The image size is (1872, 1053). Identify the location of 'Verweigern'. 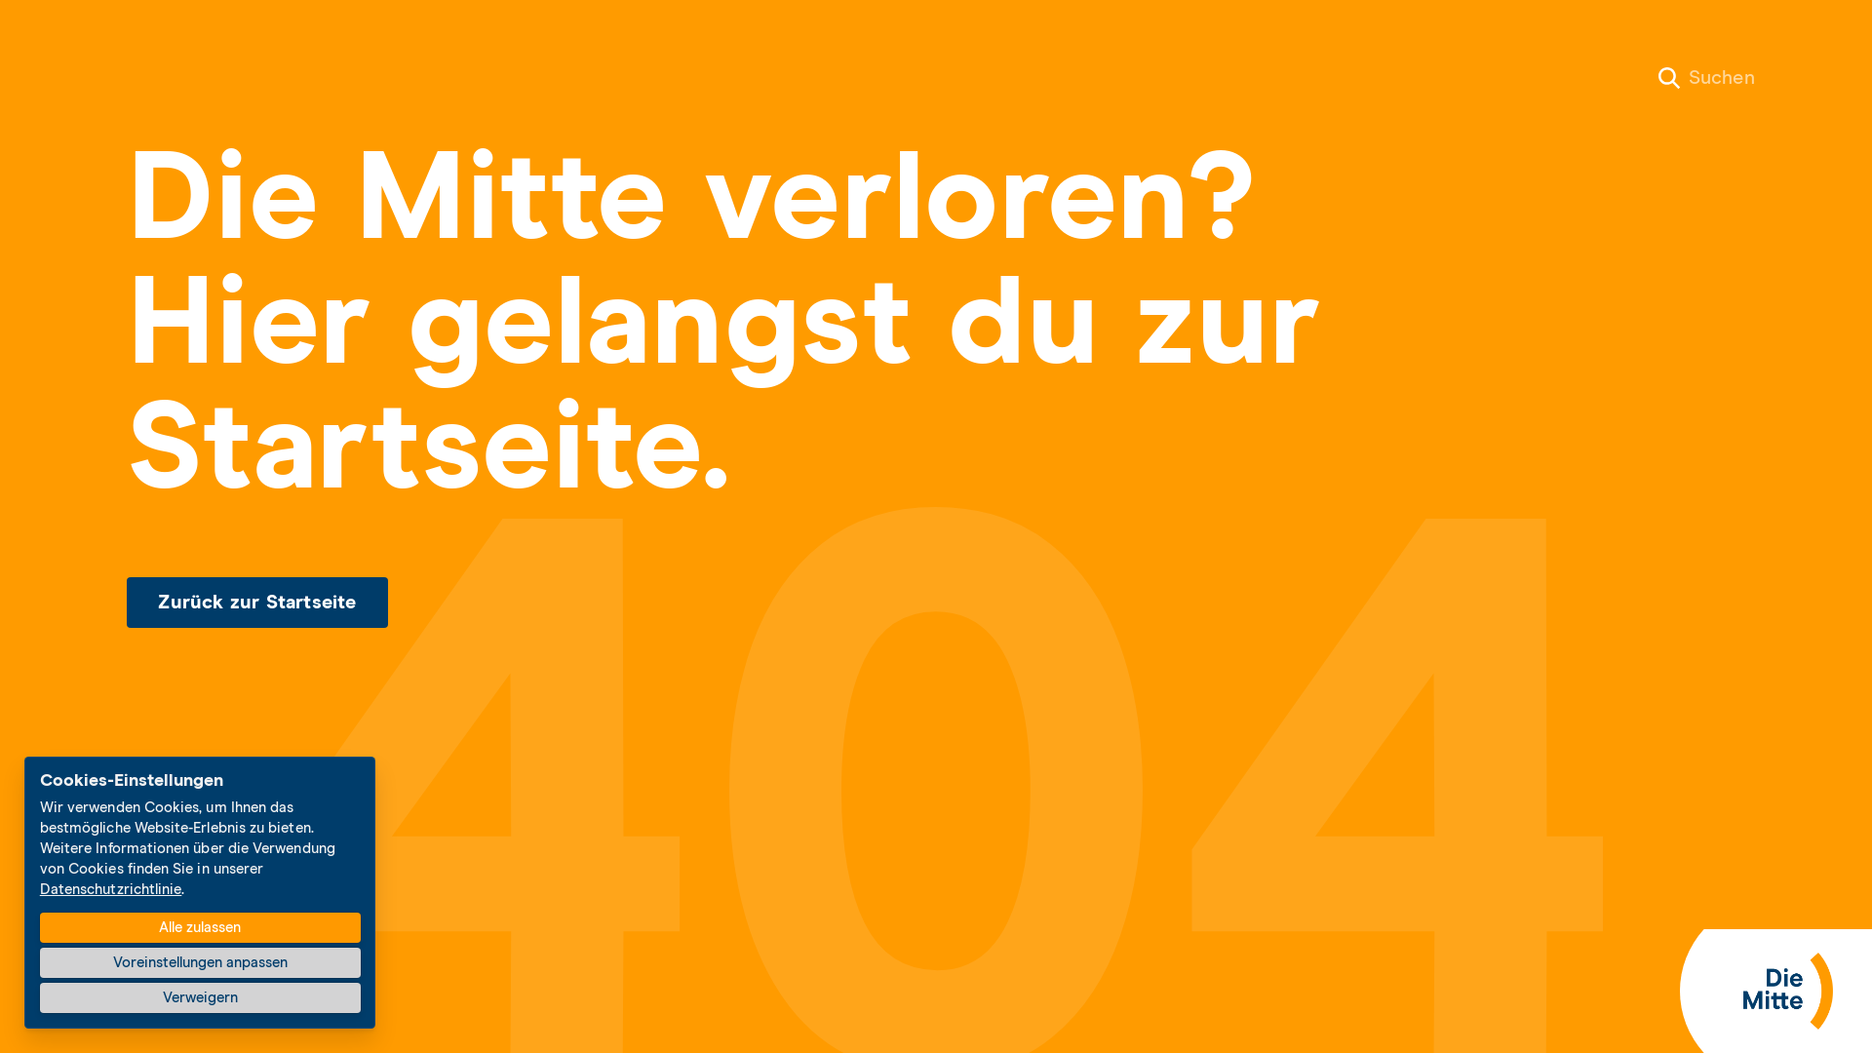
(200, 997).